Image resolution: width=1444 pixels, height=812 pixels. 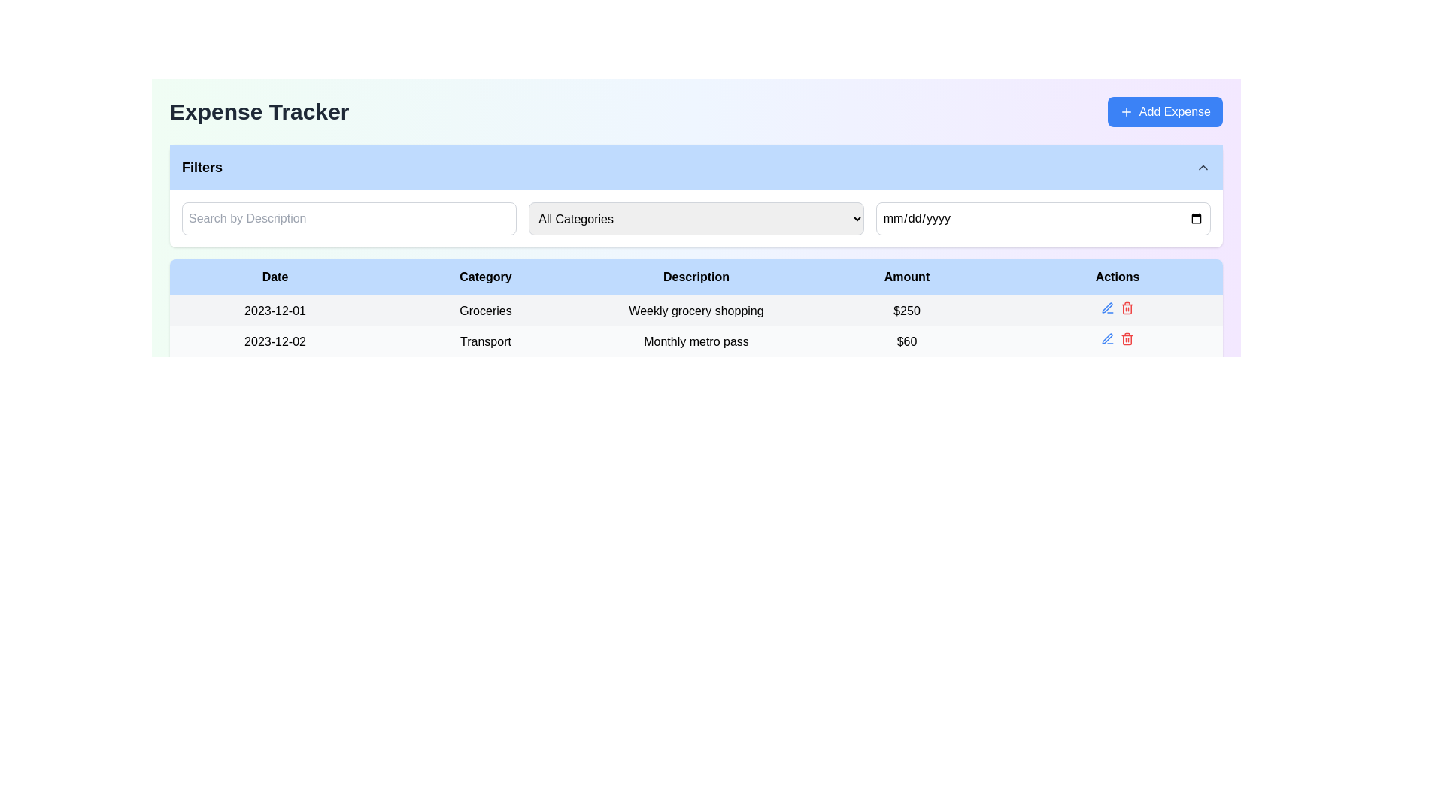 What do you see at coordinates (1127, 339) in the screenshot?
I see `the red trash bin icon button in the 'Actions' column of the second row to initiate a delete action for the 'Transport' entry, which has a description of 'Monthly metro pass' and an amount of '$60'` at bounding box center [1127, 339].